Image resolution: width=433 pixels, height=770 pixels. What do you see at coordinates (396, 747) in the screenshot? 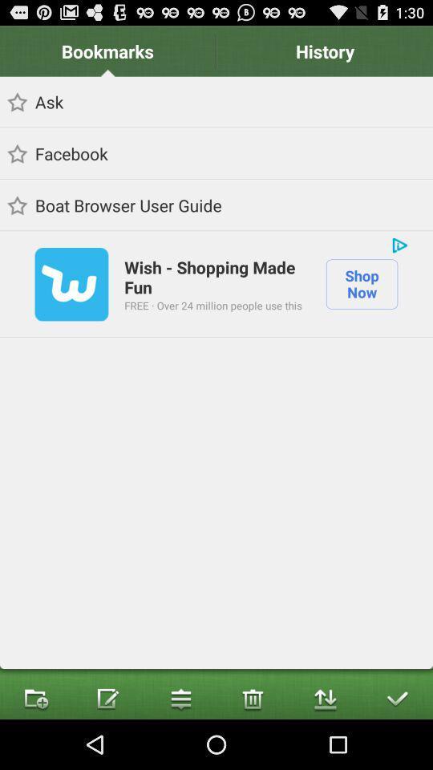
I see `the check icon` at bounding box center [396, 747].